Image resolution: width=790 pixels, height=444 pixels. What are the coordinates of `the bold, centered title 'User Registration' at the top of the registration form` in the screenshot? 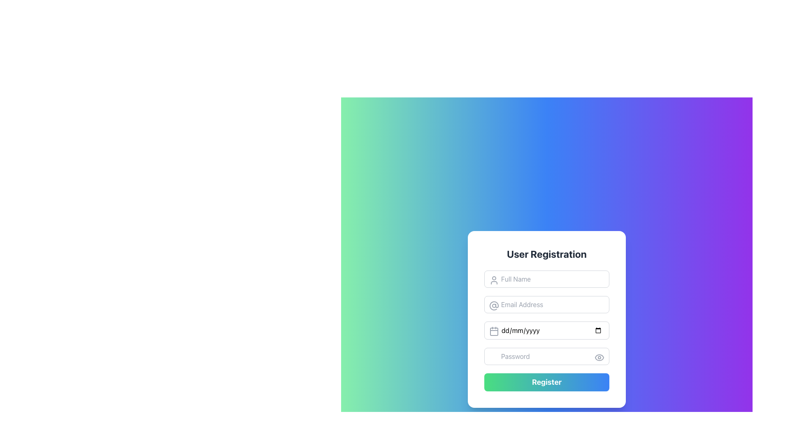 It's located at (547, 253).